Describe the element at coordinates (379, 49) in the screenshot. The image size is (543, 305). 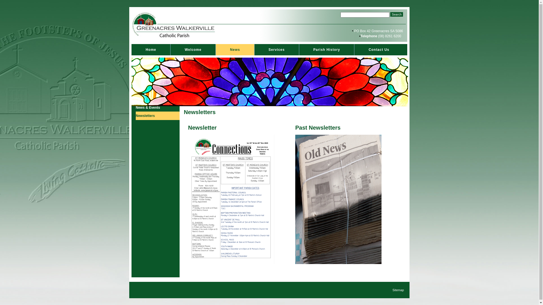
I see `'Contact Us'` at that location.